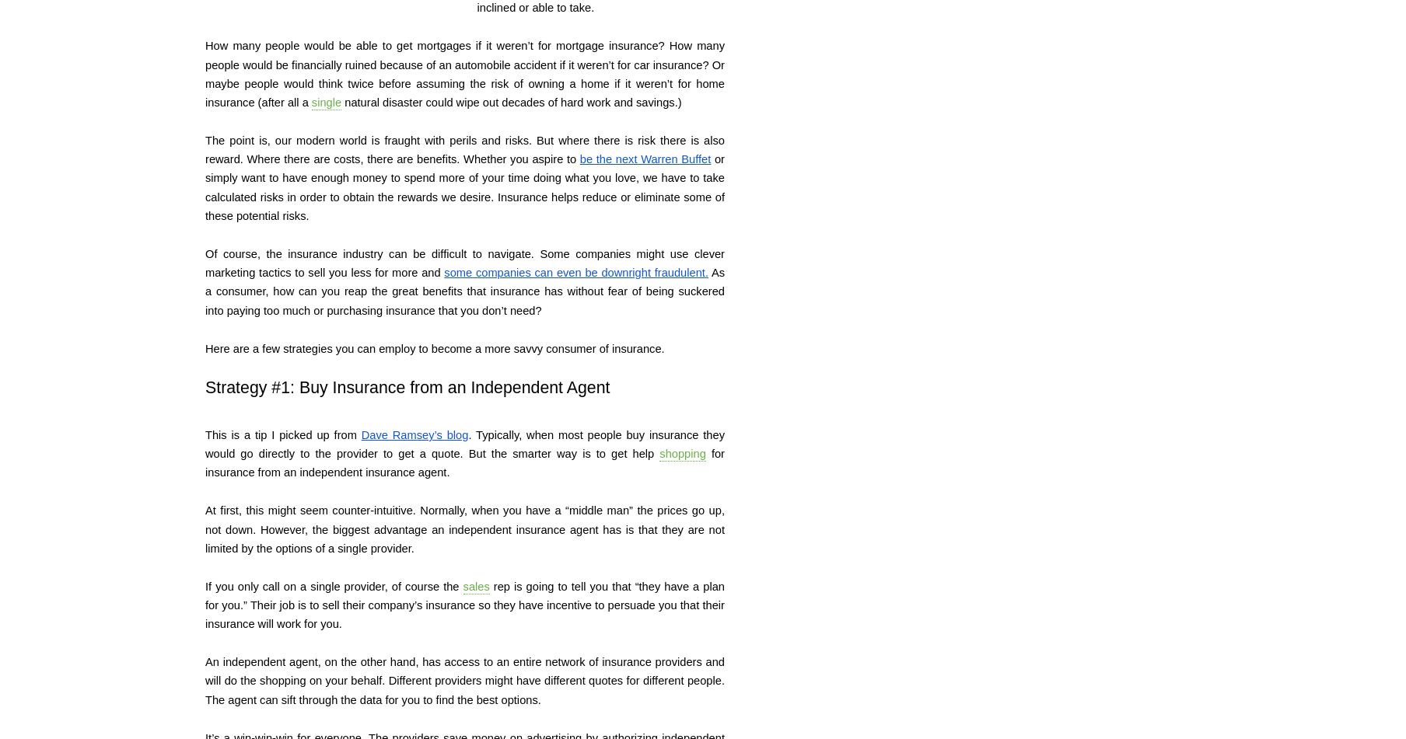 The image size is (1406, 739). What do you see at coordinates (204, 584) in the screenshot?
I see `'If you only call on a'` at bounding box center [204, 584].